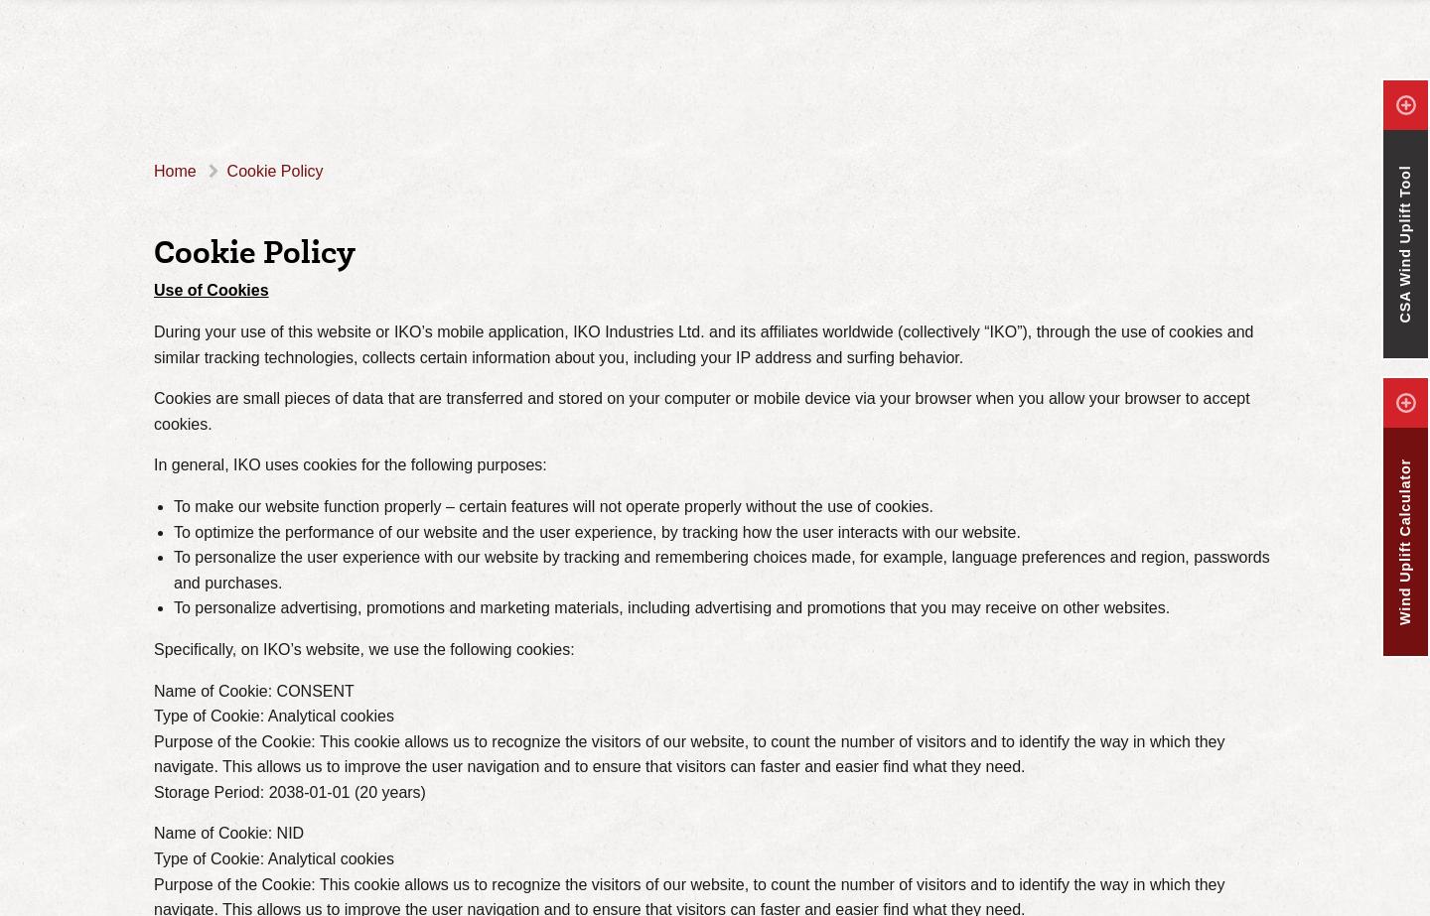 The image size is (1430, 916). I want to click on 'Permeable', so click(568, 62).